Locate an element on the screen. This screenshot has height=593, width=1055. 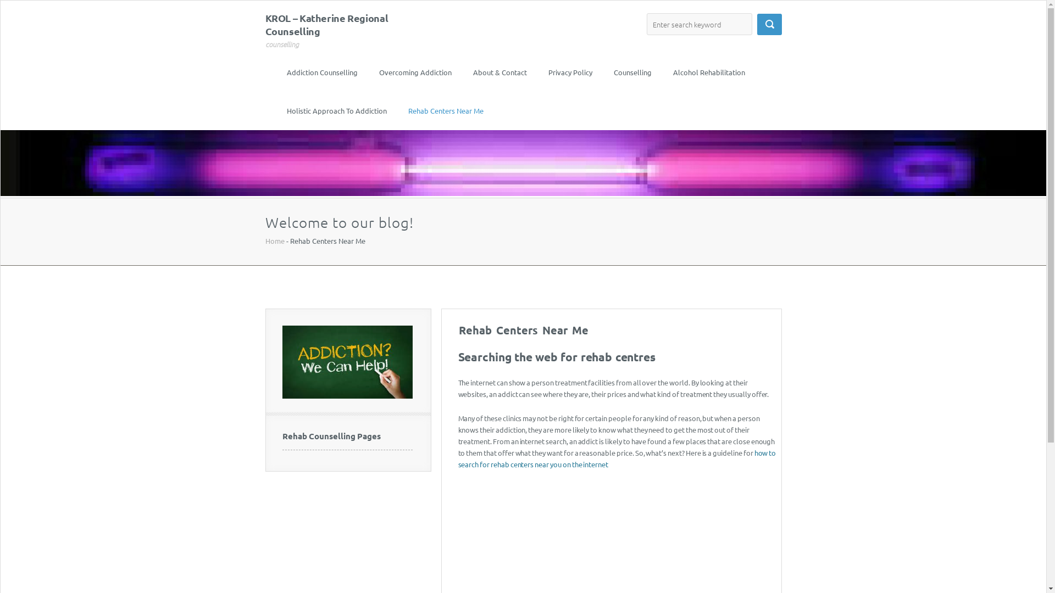
'Home' is located at coordinates (274, 240).